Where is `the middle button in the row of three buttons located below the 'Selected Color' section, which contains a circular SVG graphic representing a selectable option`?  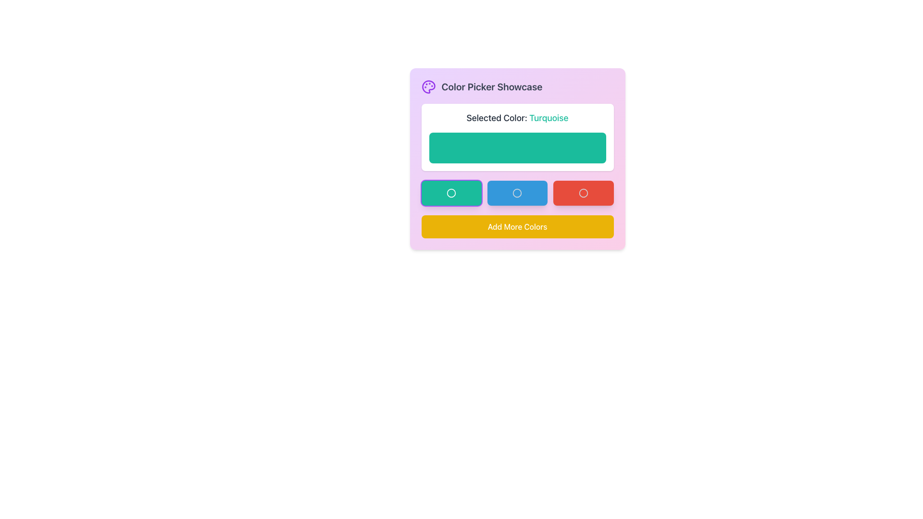
the middle button in the row of three buttons located below the 'Selected Color' section, which contains a circular SVG graphic representing a selectable option is located at coordinates (517, 193).